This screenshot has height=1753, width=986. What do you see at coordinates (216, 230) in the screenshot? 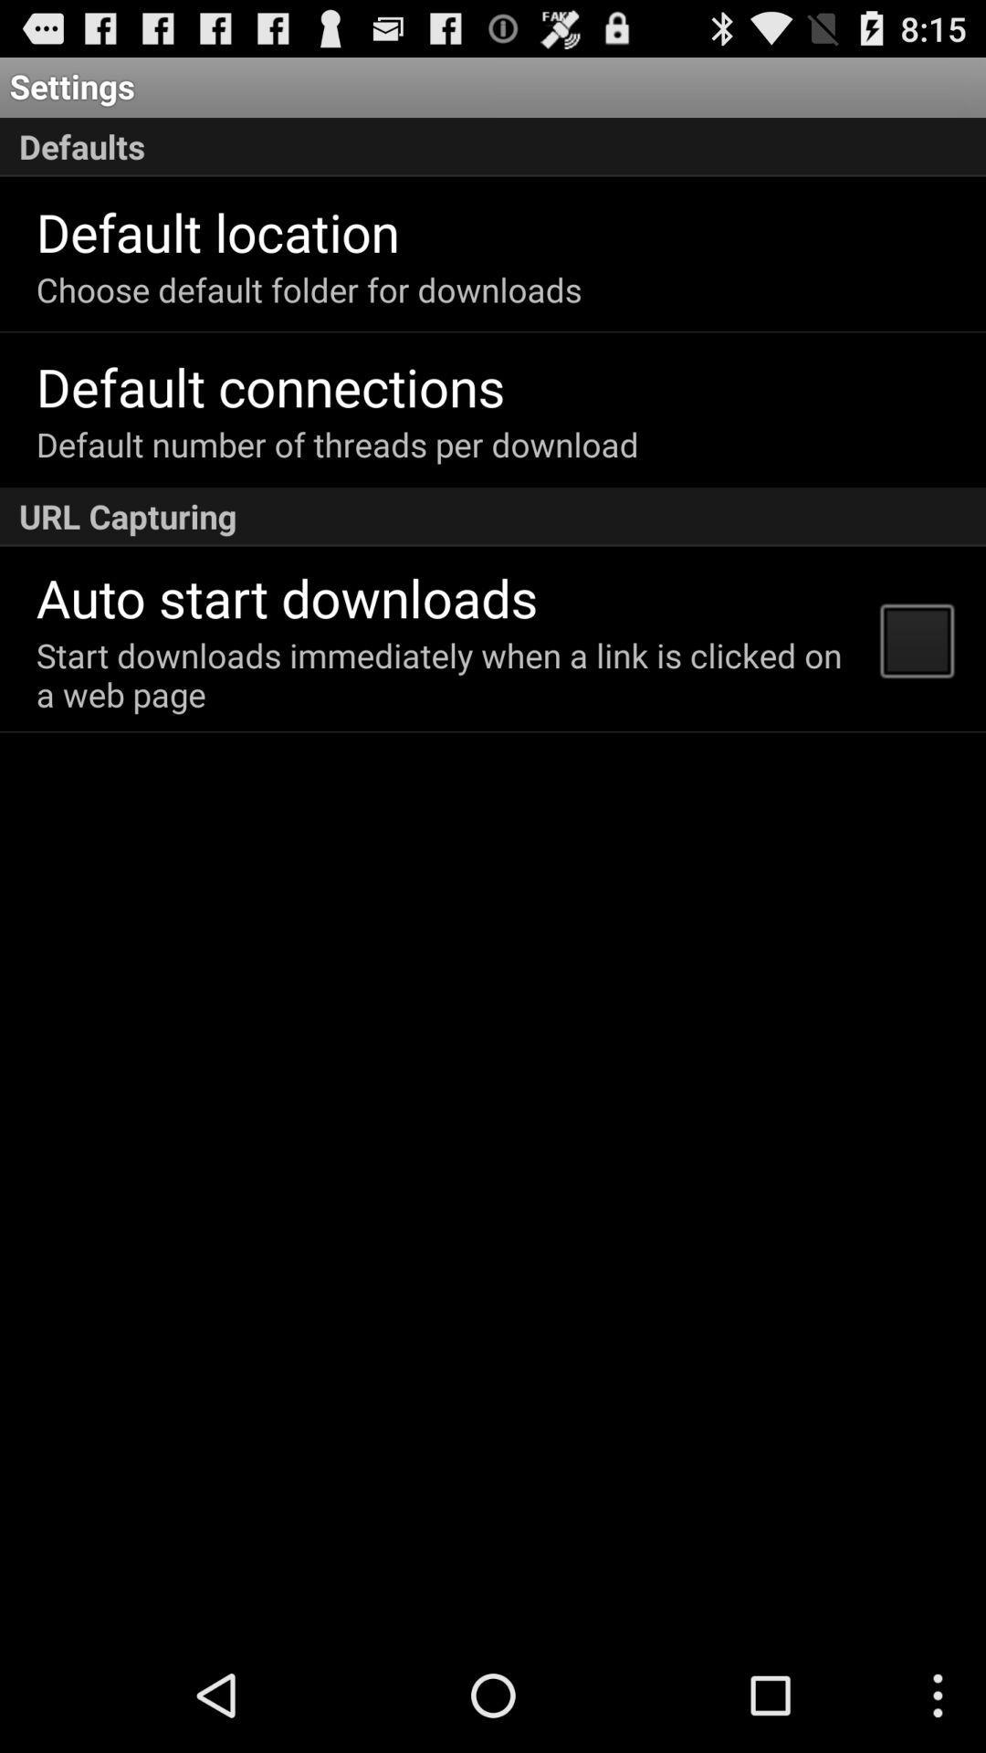
I see `default location item` at bounding box center [216, 230].